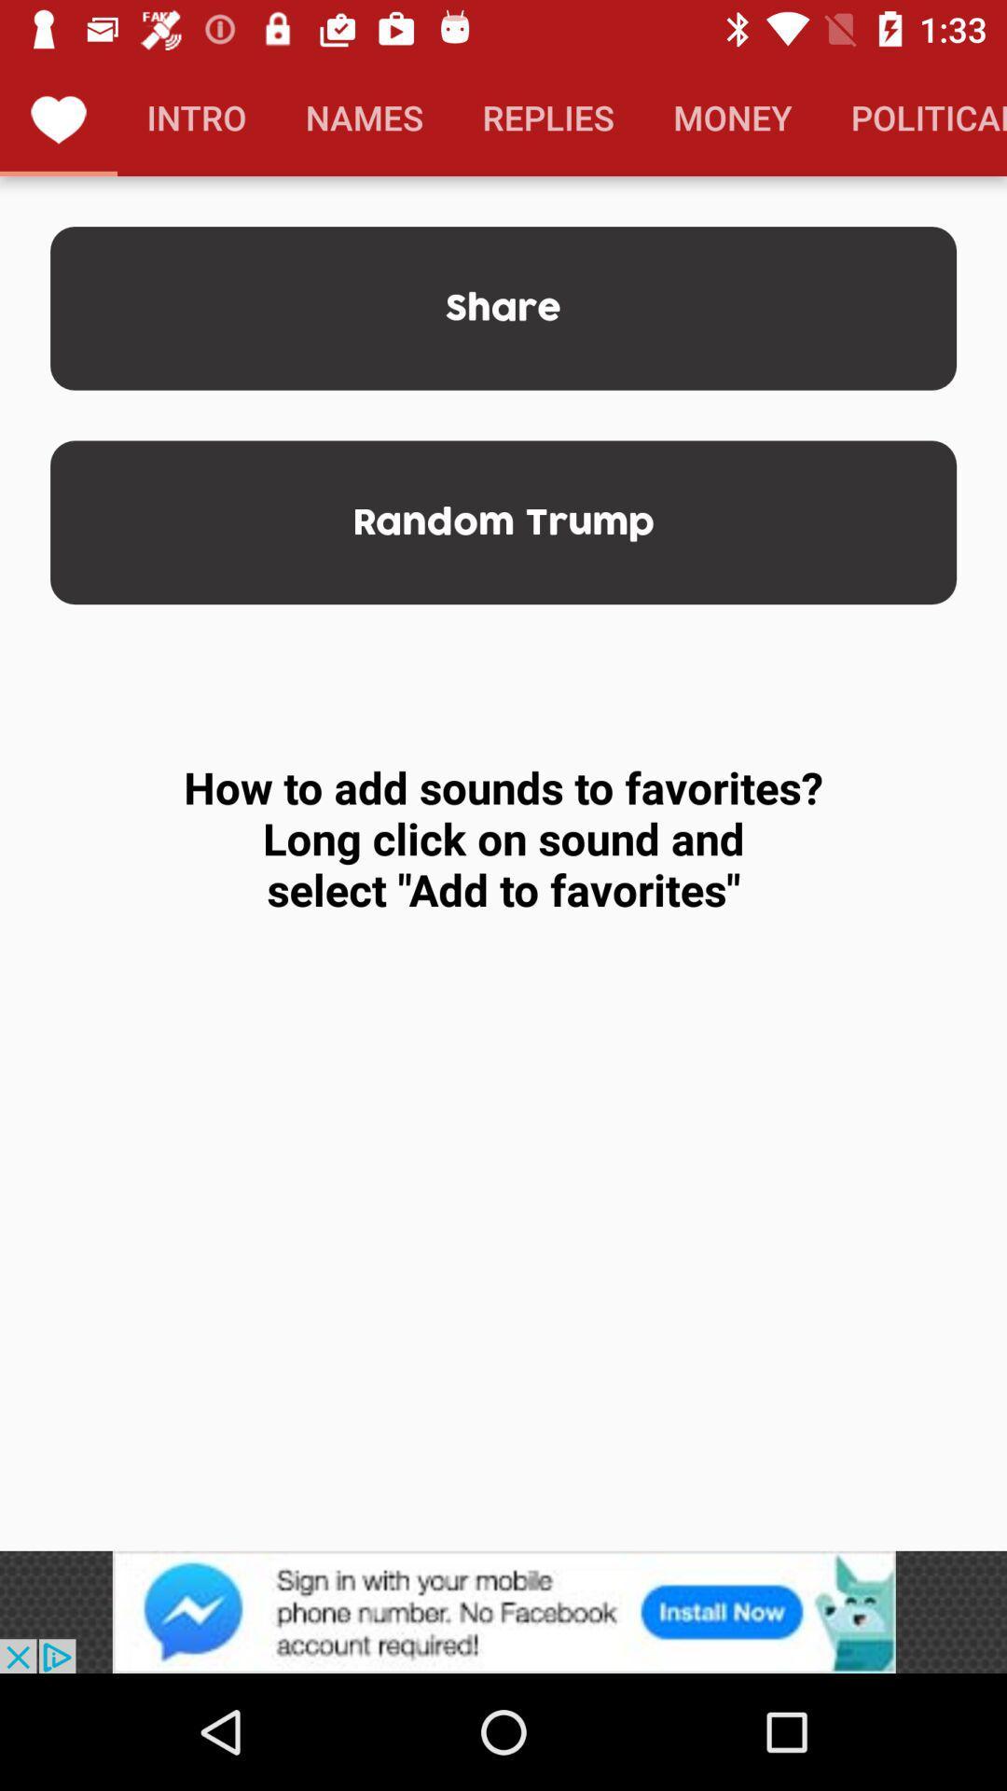 The height and width of the screenshot is (1791, 1007). I want to click on open advertisement, so click(504, 1611).